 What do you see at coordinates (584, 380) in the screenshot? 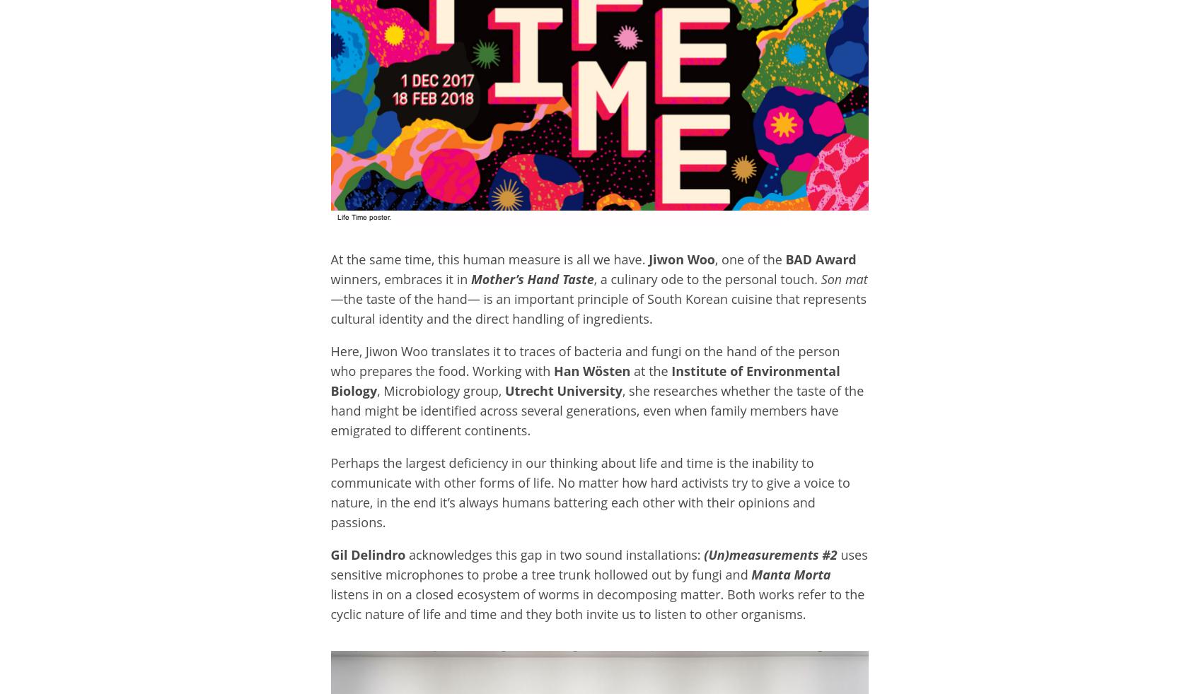
I see `'Institute of Environmental Biology'` at bounding box center [584, 380].